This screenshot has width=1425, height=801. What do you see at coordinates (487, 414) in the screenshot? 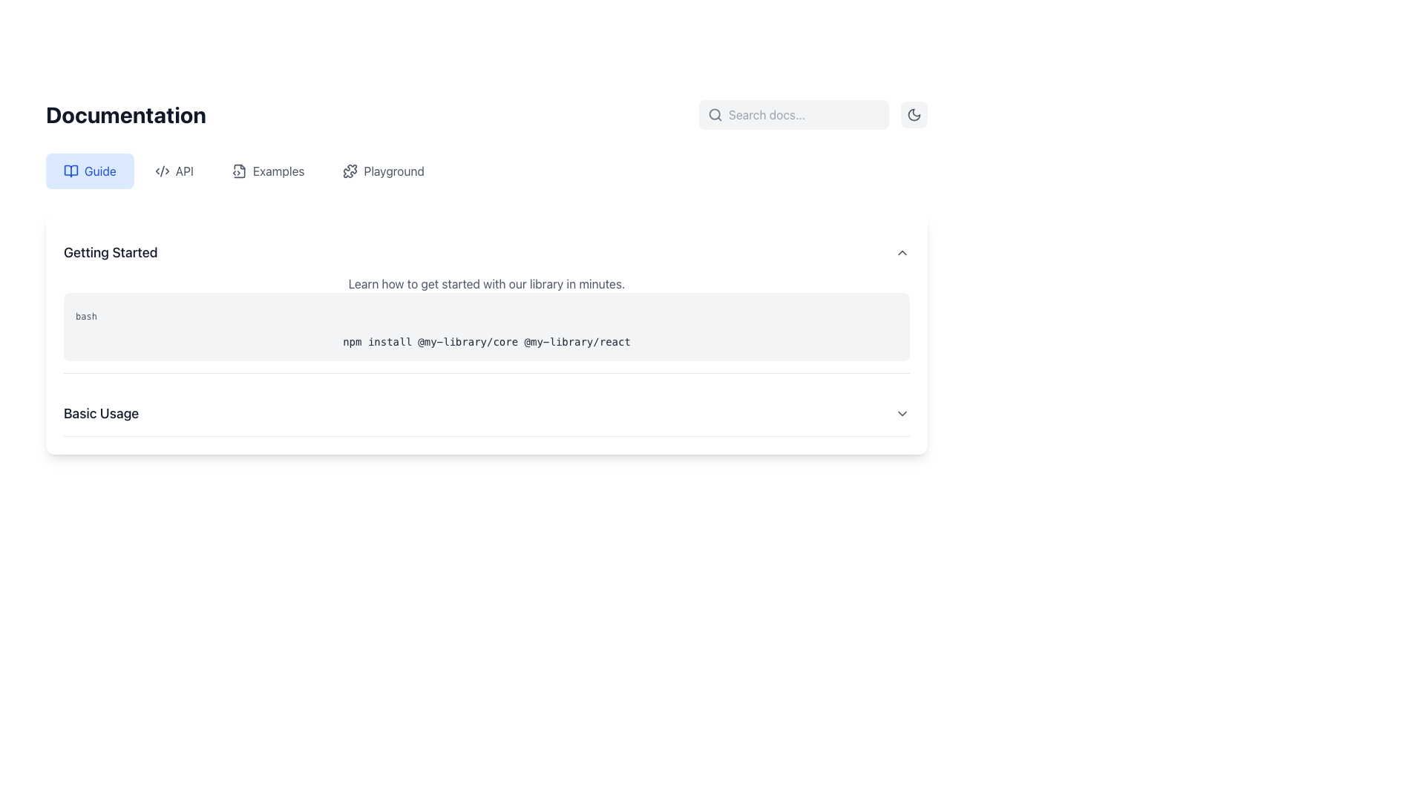
I see `the 'Basic Usage' dropdown trigger, which is styled with a medium font weight and has a subtle gray border at the bottom, located in the fourth position under the 'Getting Started' category` at bounding box center [487, 414].